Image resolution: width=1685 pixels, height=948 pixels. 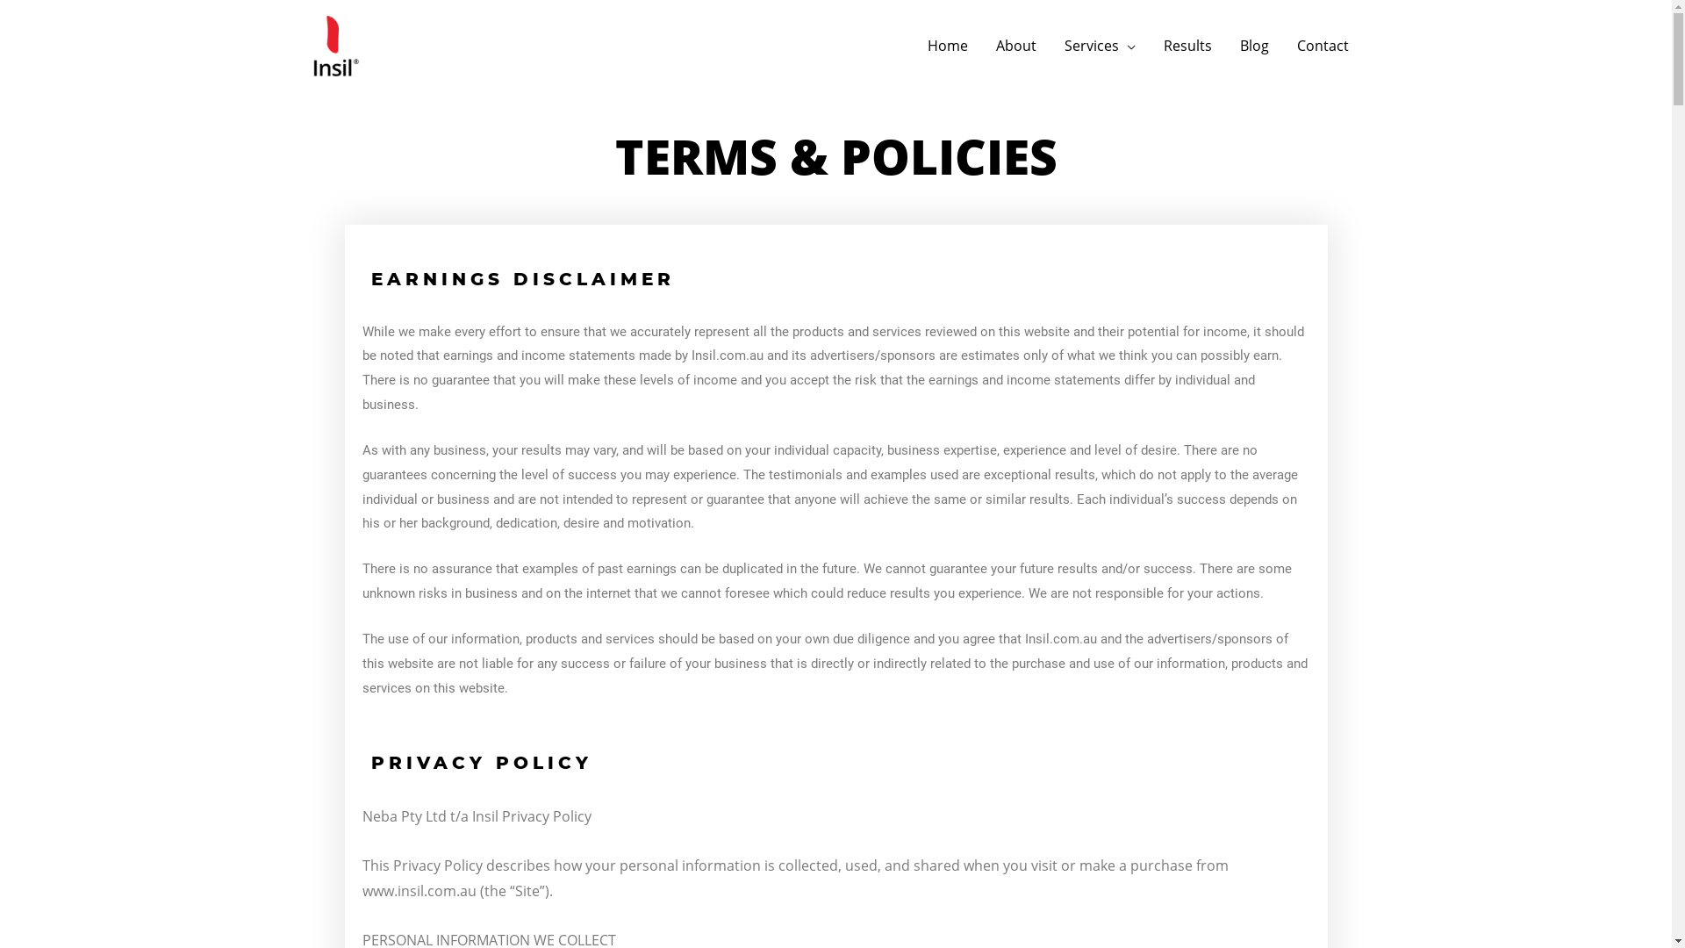 What do you see at coordinates (1049, 44) in the screenshot?
I see `'Services'` at bounding box center [1049, 44].